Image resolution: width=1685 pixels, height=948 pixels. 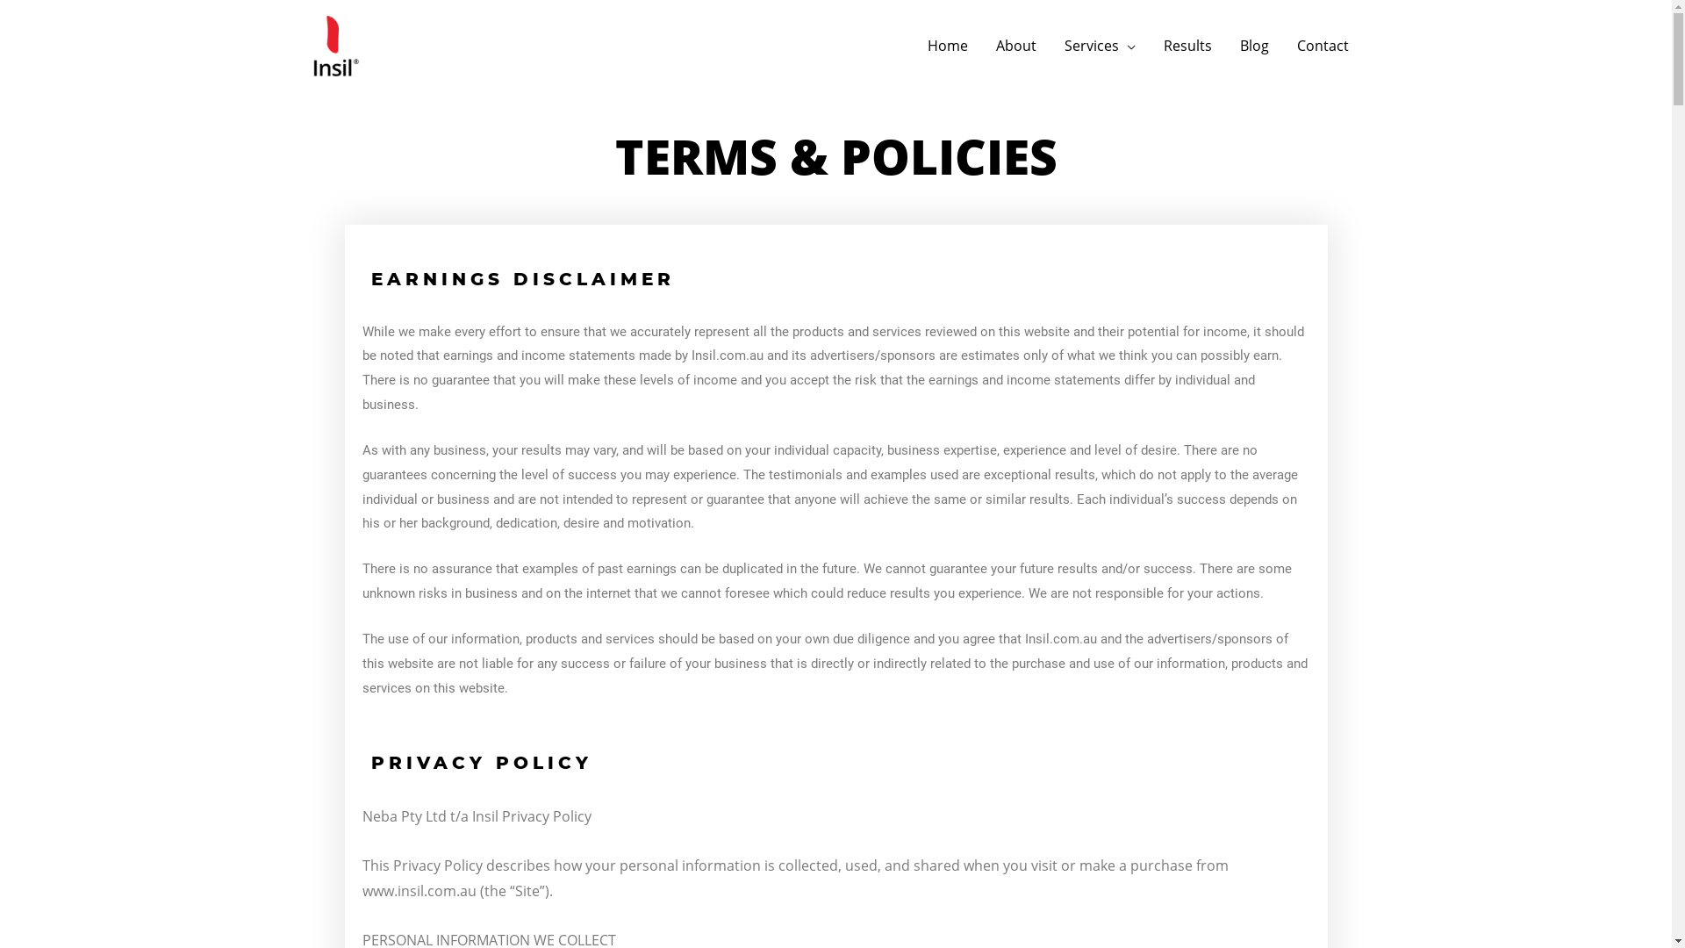 What do you see at coordinates (1049, 44) in the screenshot?
I see `'Services'` at bounding box center [1049, 44].